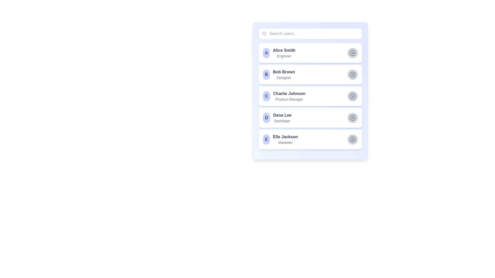  Describe the element at coordinates (352, 53) in the screenshot. I see `the first circular 'X' icon next to the 'Alice Smith' user profile` at that location.